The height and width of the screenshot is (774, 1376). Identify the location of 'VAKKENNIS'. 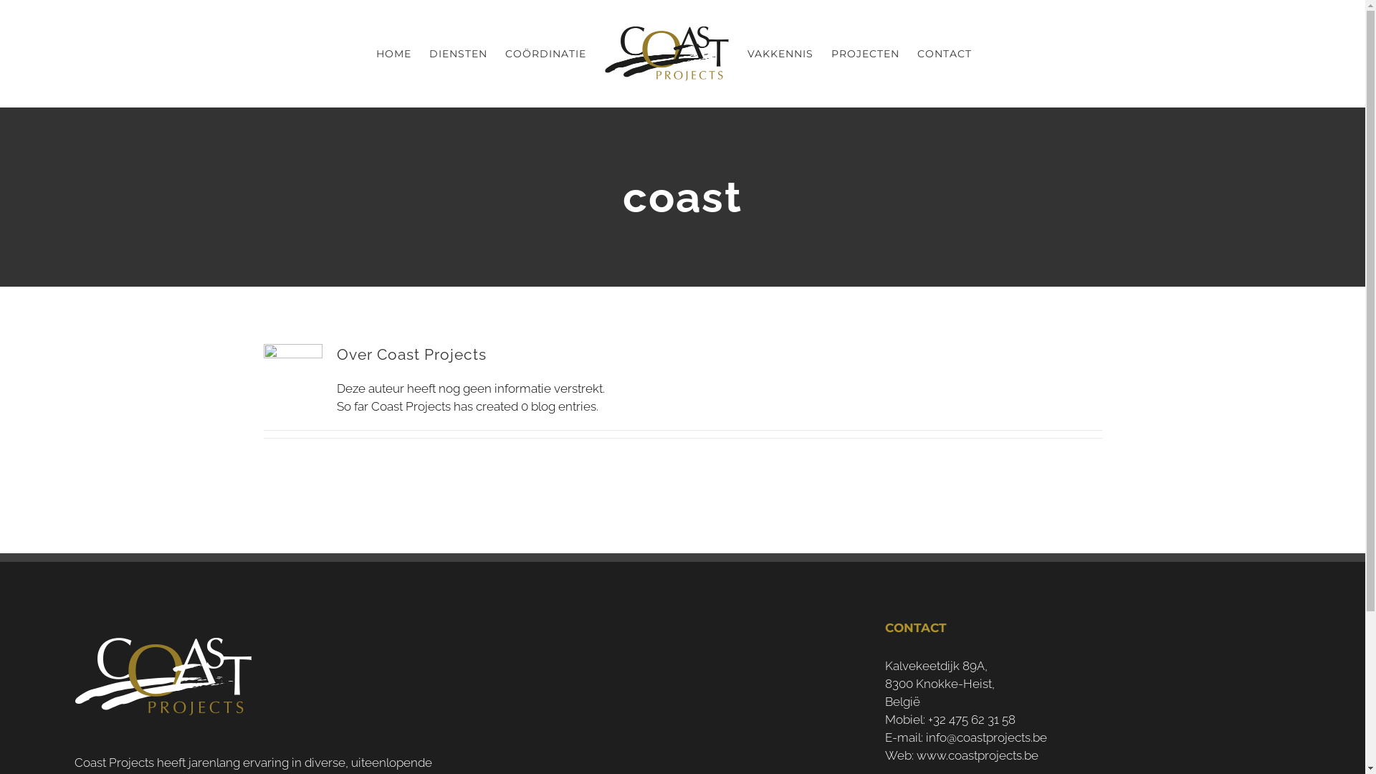
(779, 52).